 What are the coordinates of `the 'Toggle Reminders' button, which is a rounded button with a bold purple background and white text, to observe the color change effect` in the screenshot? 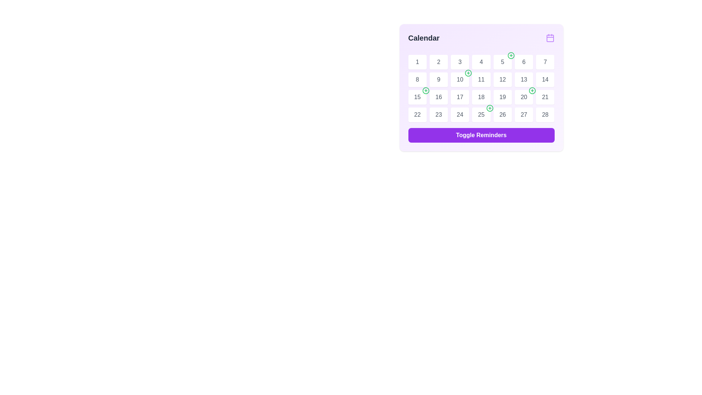 It's located at (481, 135).